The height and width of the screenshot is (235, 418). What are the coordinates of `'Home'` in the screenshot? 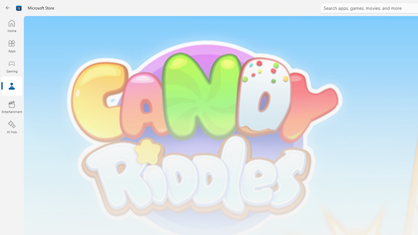 It's located at (11, 25).